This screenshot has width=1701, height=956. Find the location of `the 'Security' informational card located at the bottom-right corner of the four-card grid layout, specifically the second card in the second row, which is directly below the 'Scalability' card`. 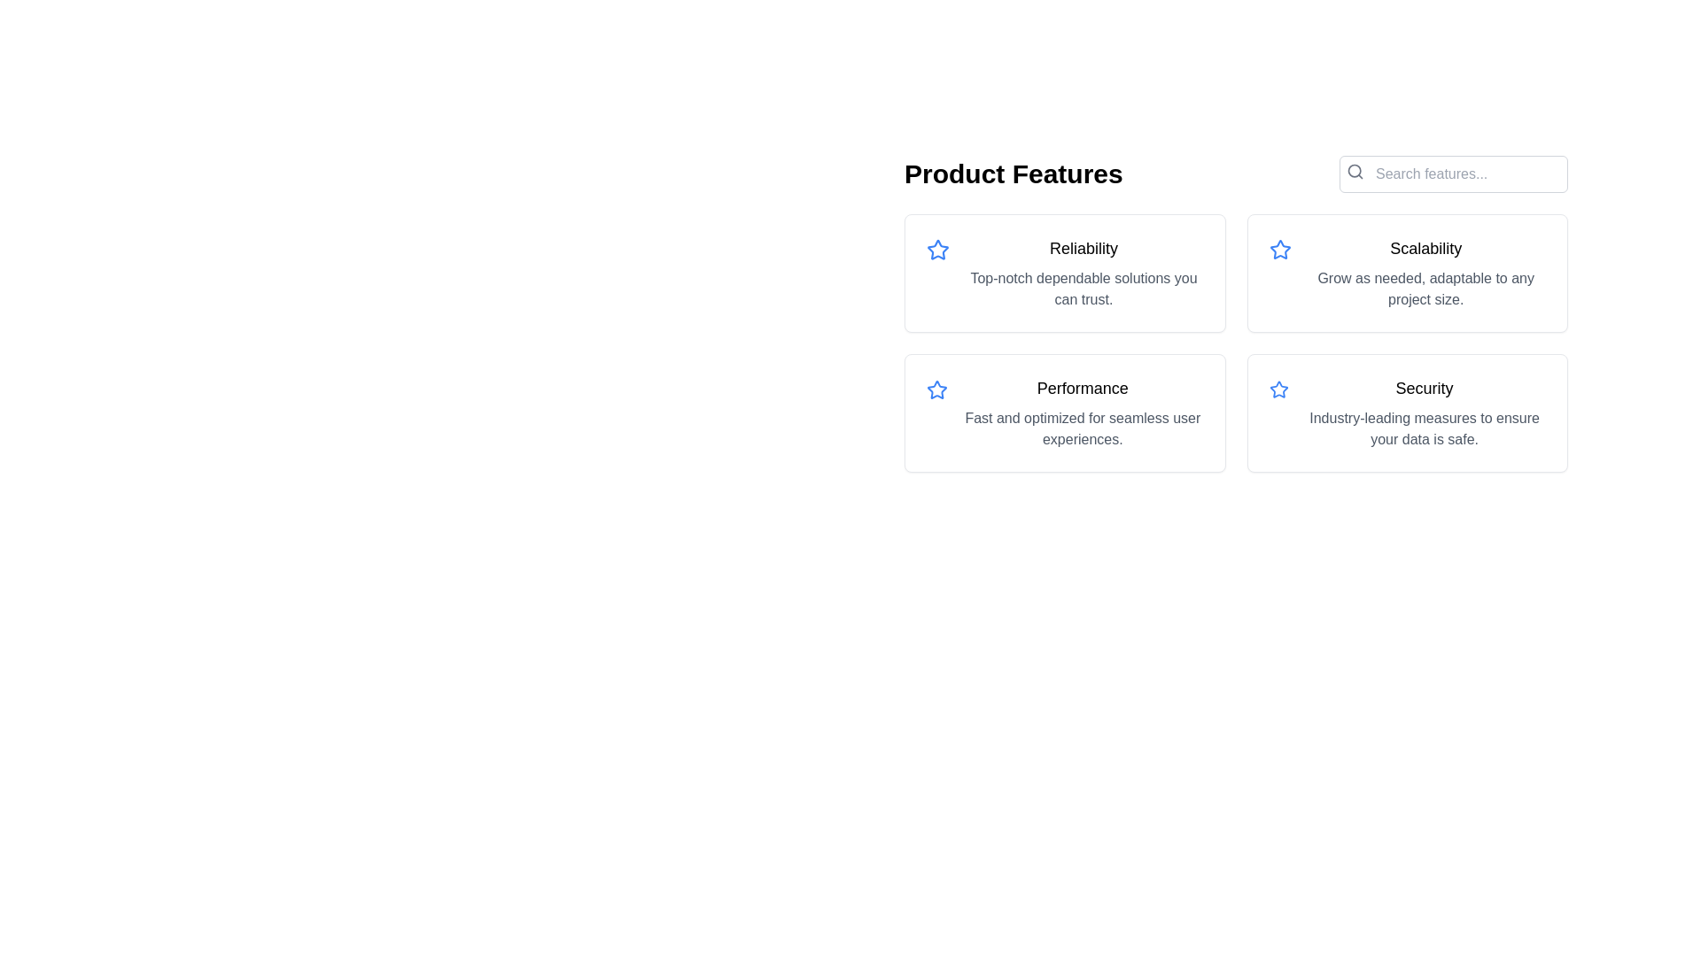

the 'Security' informational card located at the bottom-right corner of the four-card grid layout, specifically the second card in the second row, which is directly below the 'Scalability' card is located at coordinates (1406, 412).